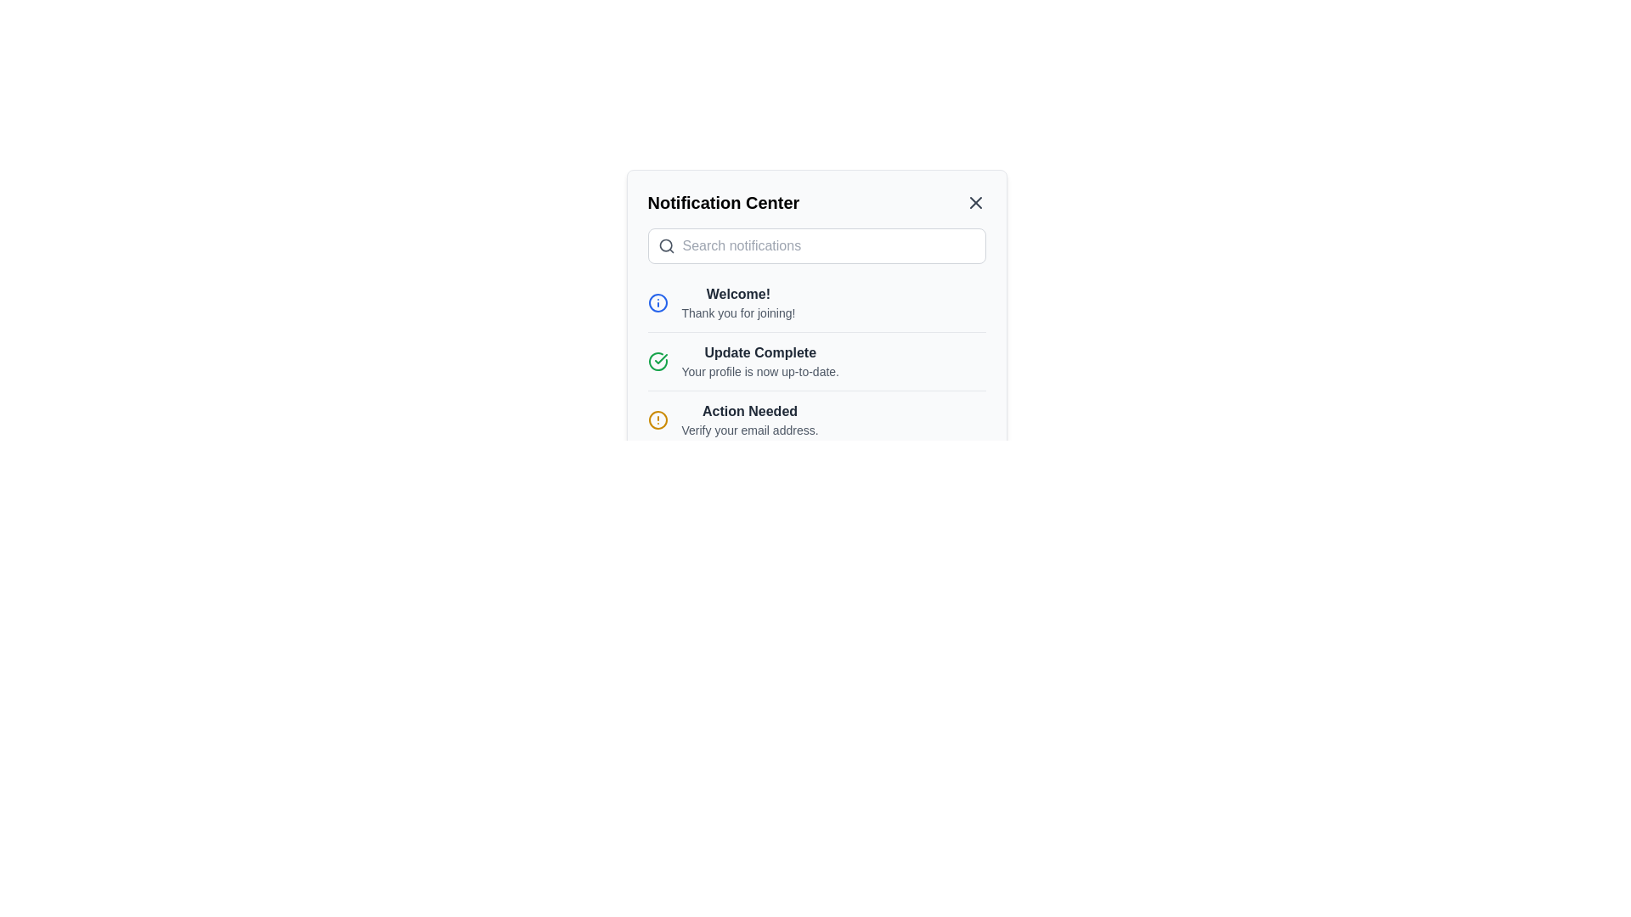 Image resolution: width=1631 pixels, height=917 pixels. Describe the element at coordinates (749, 429) in the screenshot. I see `text label that says 'Verify your email address.' which is located beneath the 'Action Needed' header in the notification panel` at that location.